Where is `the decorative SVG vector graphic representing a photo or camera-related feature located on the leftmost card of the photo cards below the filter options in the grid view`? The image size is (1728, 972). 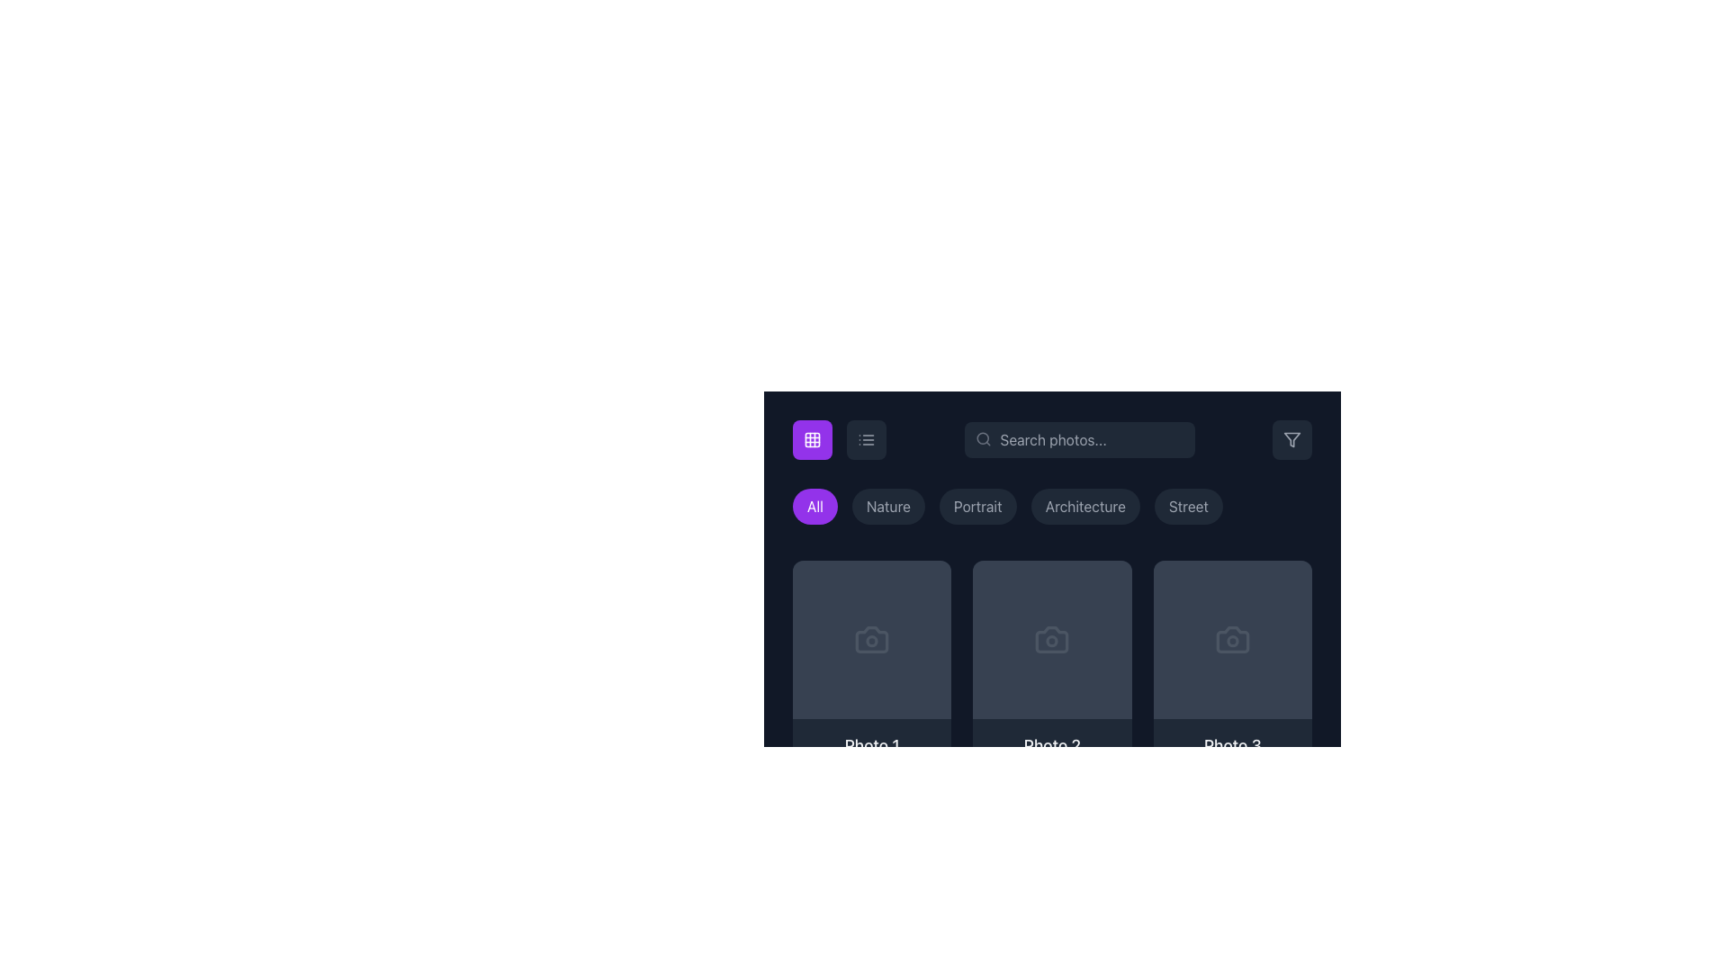
the decorative SVG vector graphic representing a photo or camera-related feature located on the leftmost card of the photo cards below the filter options in the grid view is located at coordinates (872, 639).